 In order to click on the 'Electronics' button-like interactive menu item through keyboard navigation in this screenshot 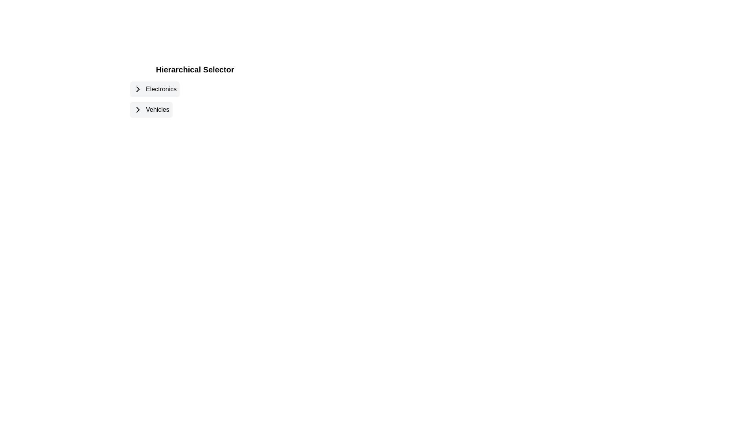, I will do `click(195, 89)`.